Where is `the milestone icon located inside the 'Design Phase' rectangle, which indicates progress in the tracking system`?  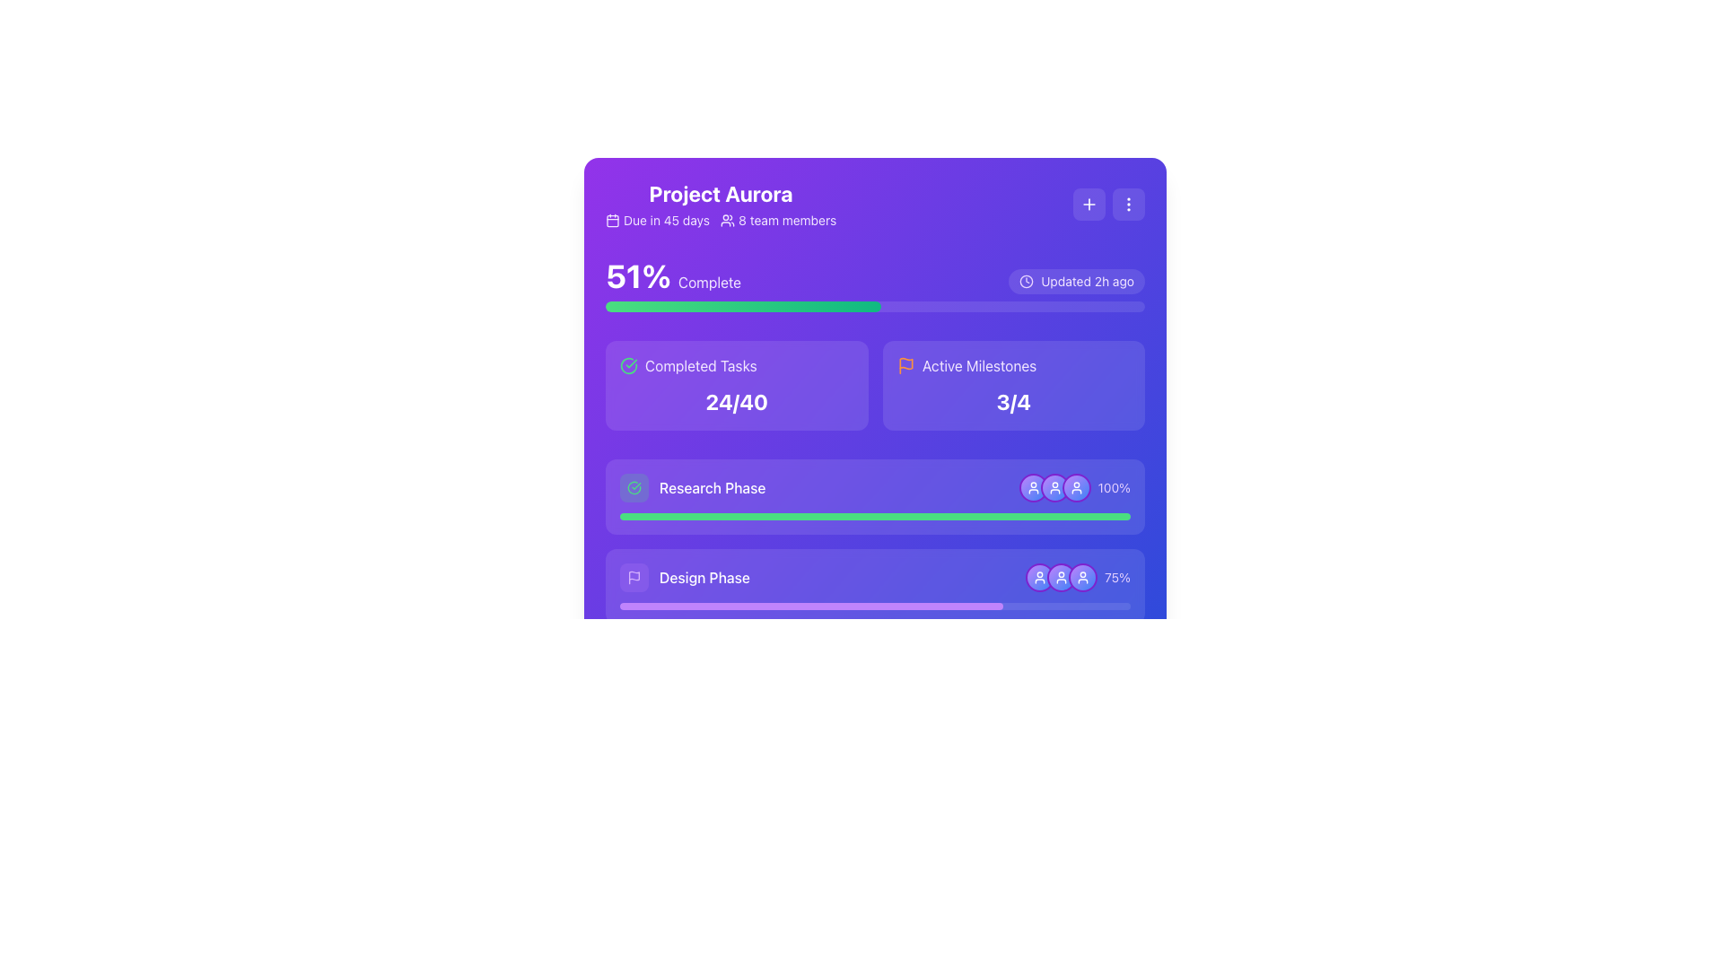
the milestone icon located inside the 'Design Phase' rectangle, which indicates progress in the tracking system is located at coordinates (634, 575).